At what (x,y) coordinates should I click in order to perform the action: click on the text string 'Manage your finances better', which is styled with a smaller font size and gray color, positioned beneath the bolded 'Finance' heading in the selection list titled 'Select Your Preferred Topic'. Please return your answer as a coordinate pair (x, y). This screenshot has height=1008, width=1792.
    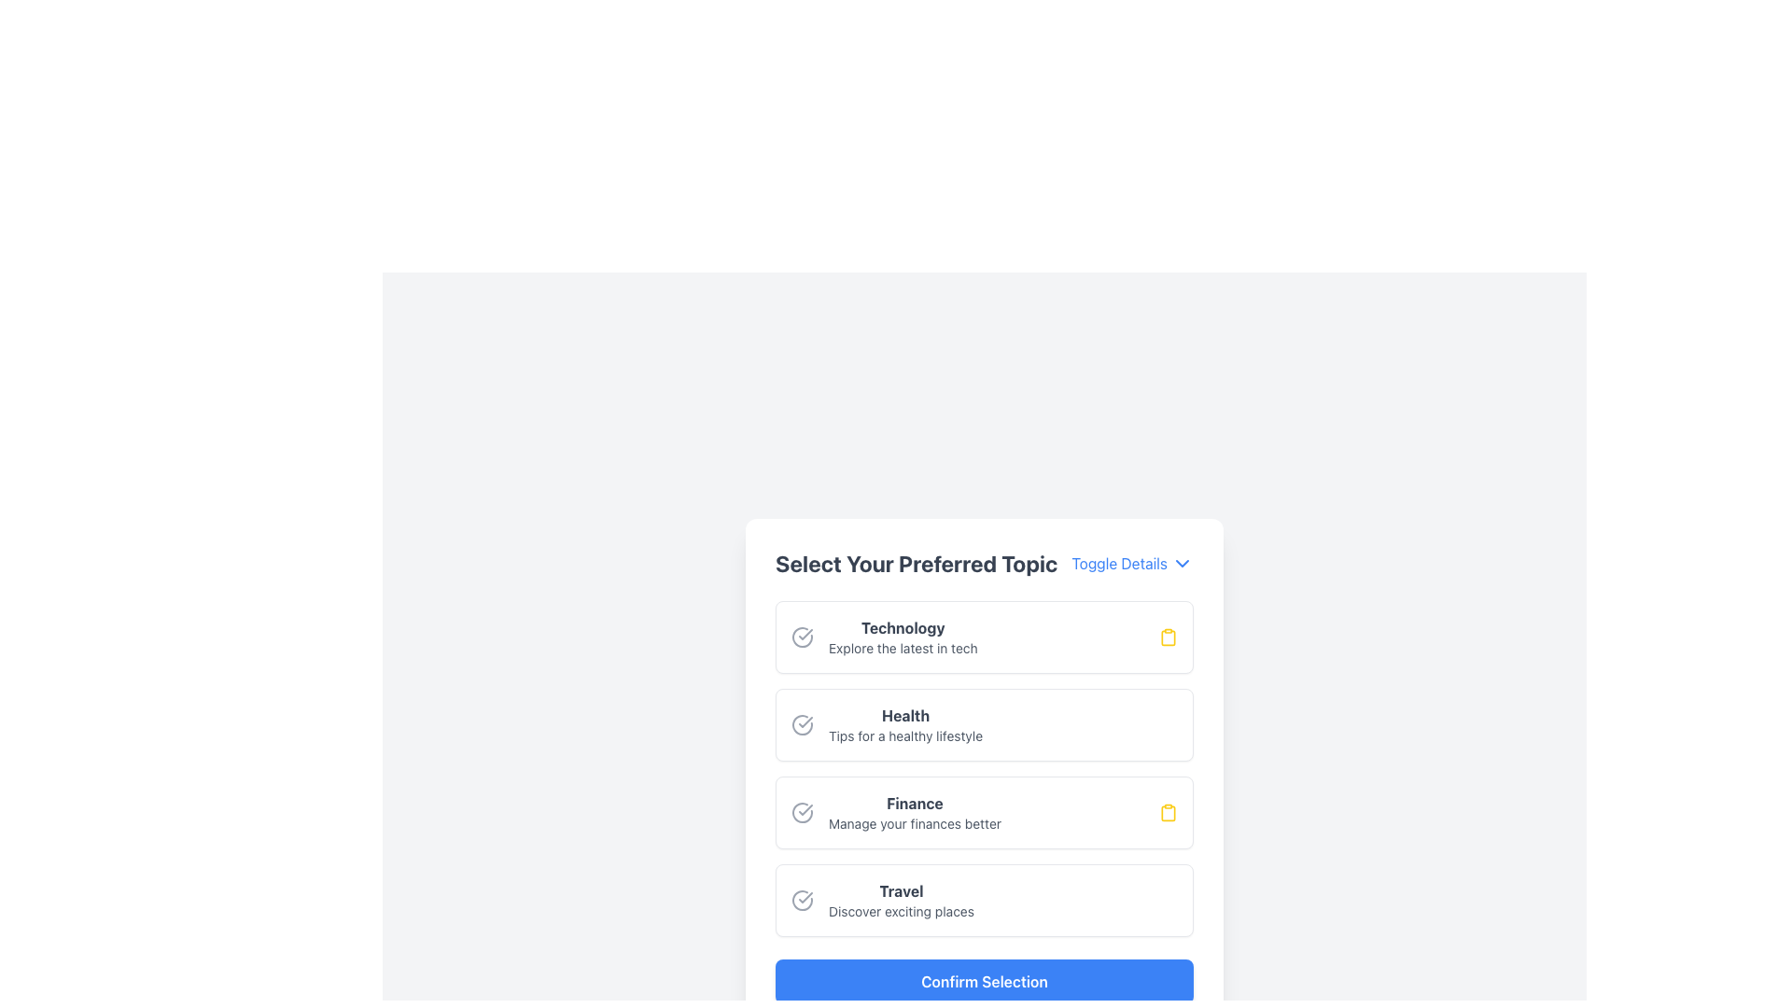
    Looking at the image, I should click on (915, 823).